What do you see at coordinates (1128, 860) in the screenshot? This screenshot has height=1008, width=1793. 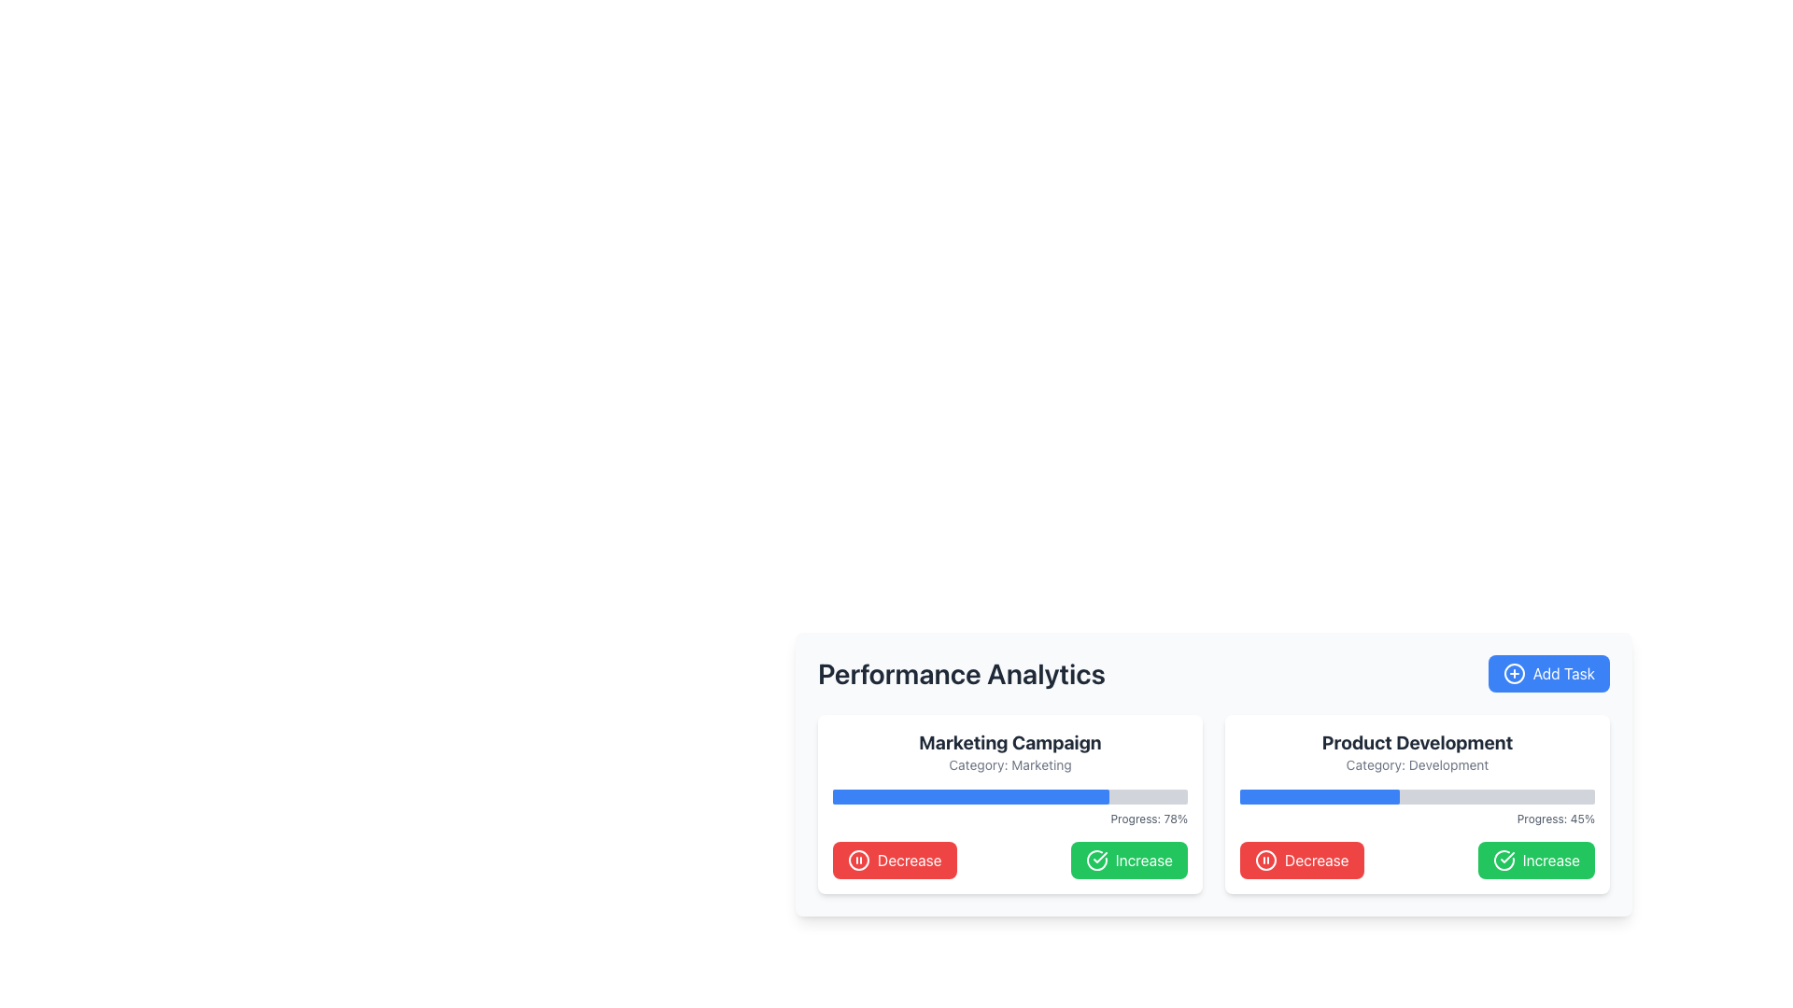 I see `the 'Increase' button, which has a green background, rounded corners, and contains a white checkmark icon and the text 'Increase' in white` at bounding box center [1128, 860].